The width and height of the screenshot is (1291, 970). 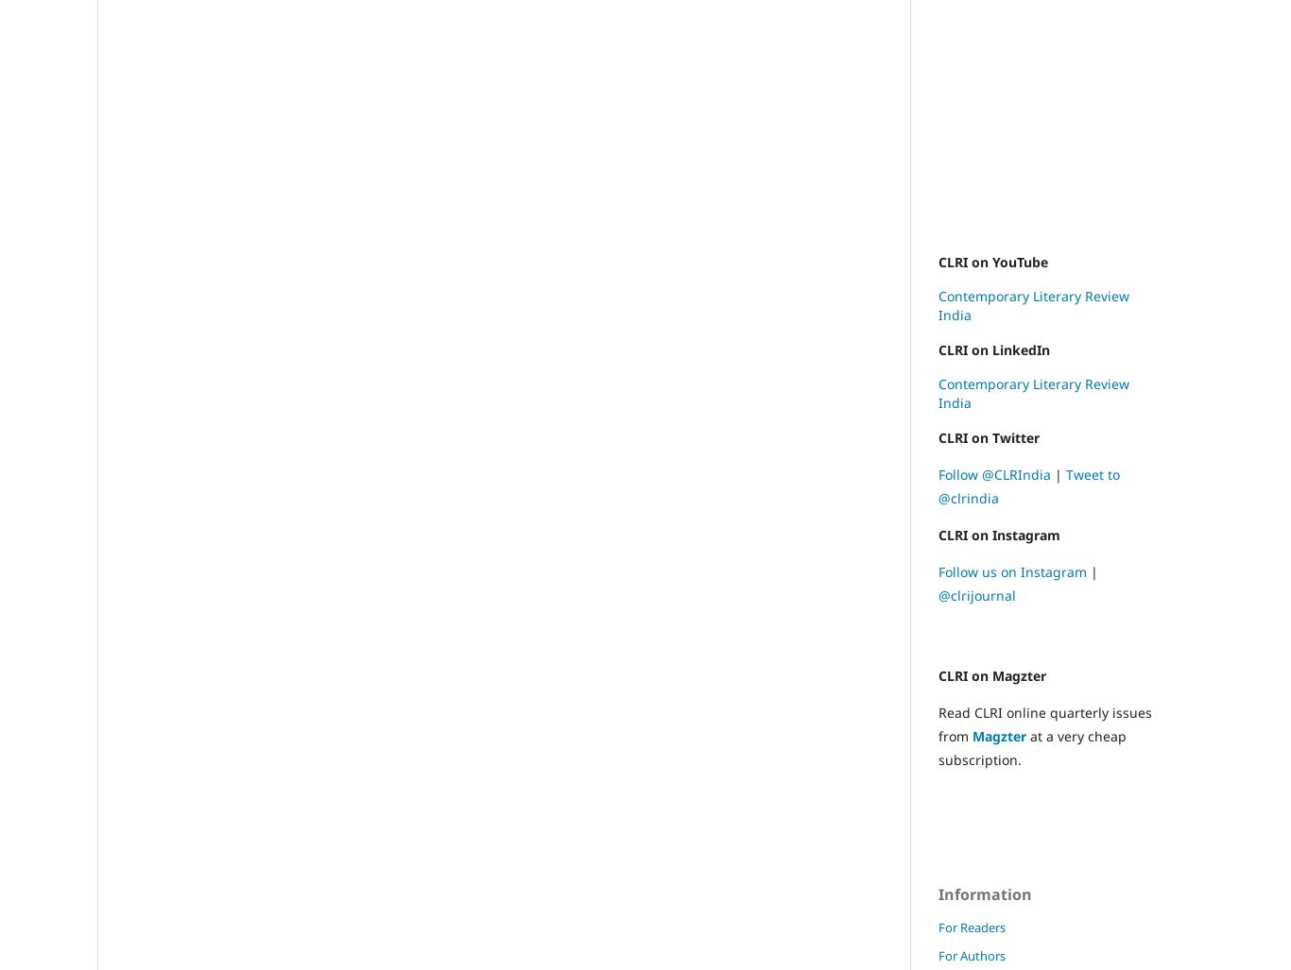 What do you see at coordinates (984, 893) in the screenshot?
I see `'Information'` at bounding box center [984, 893].